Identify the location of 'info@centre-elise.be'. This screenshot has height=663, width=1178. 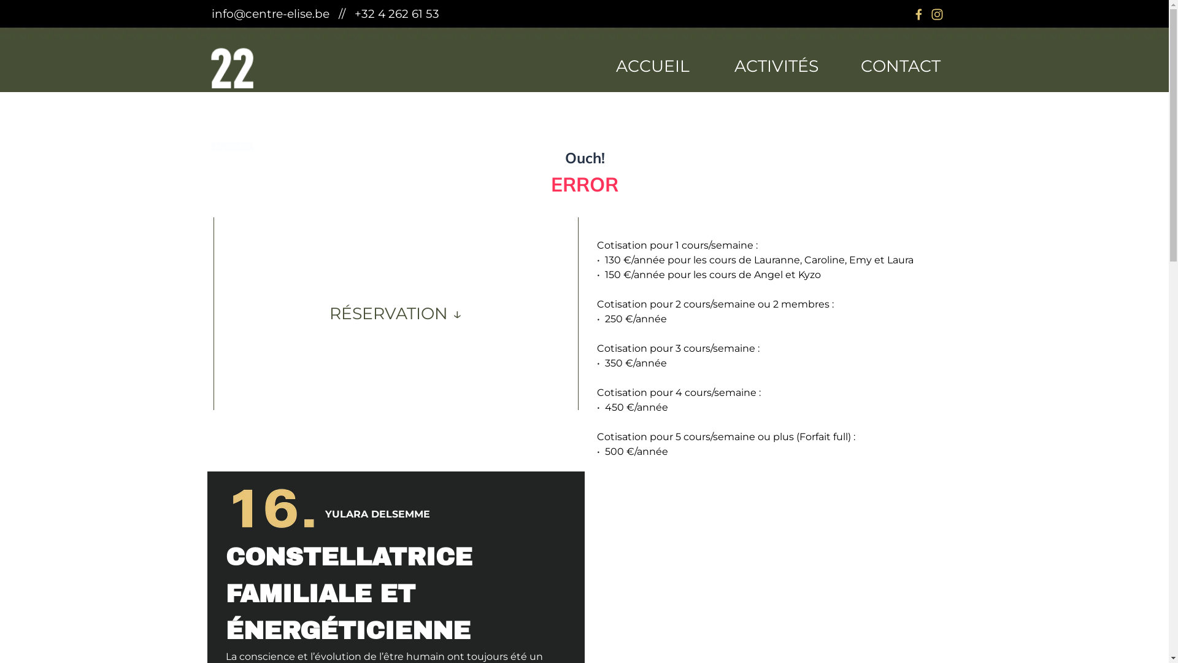
(269, 14).